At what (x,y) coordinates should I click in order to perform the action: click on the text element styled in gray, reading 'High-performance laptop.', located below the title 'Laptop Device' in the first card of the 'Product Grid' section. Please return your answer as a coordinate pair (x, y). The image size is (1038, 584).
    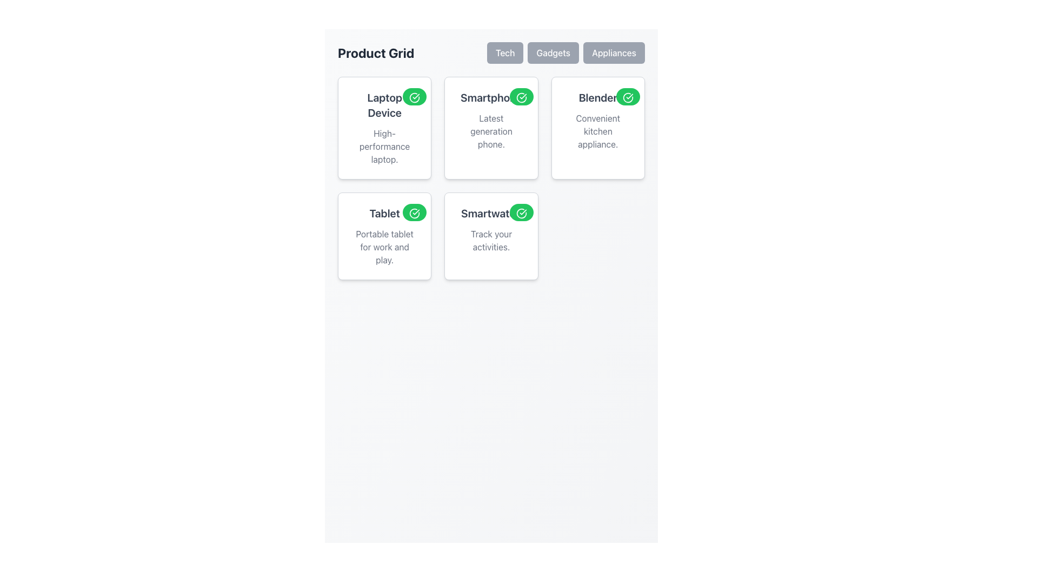
    Looking at the image, I should click on (384, 146).